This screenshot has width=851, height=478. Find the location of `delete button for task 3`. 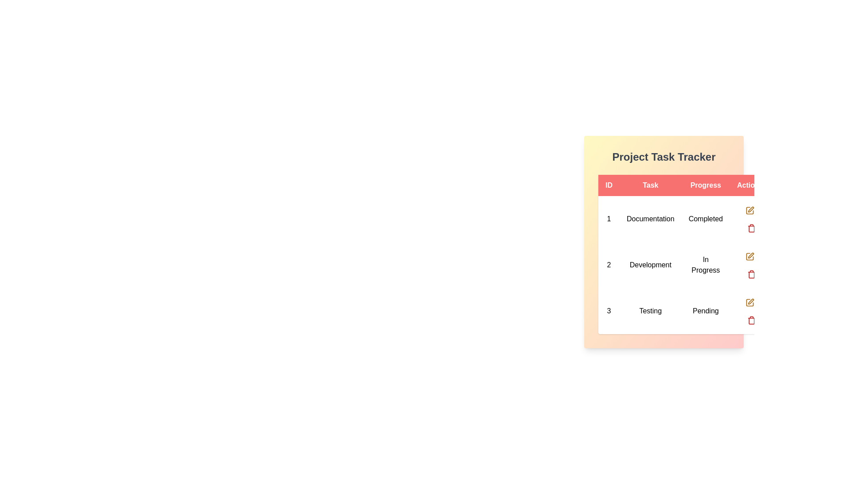

delete button for task 3 is located at coordinates (751, 320).